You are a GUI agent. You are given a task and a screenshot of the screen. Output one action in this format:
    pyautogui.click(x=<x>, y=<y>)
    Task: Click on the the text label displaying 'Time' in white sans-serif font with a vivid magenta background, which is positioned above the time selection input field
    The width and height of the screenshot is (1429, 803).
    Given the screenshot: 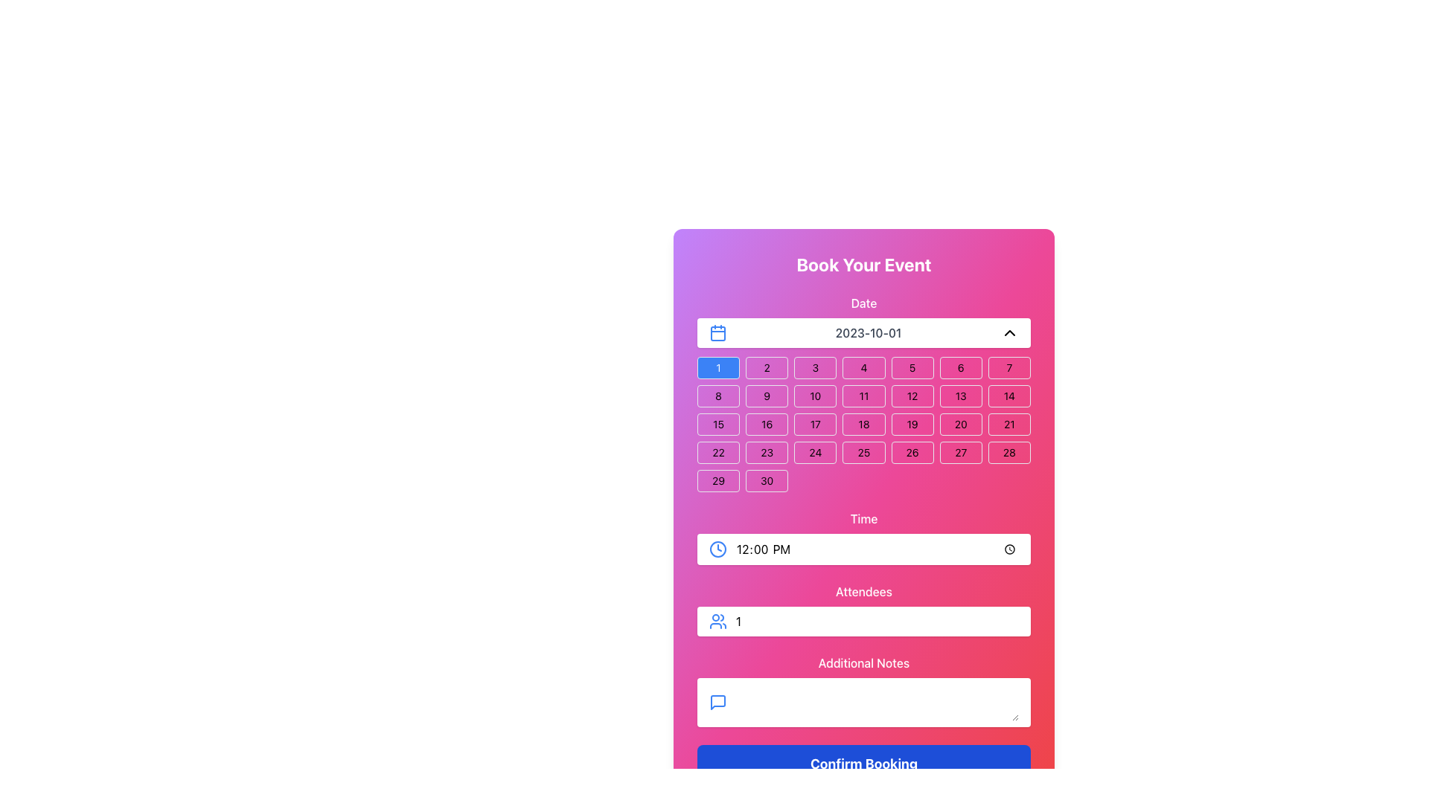 What is the action you would take?
    pyautogui.click(x=864, y=518)
    